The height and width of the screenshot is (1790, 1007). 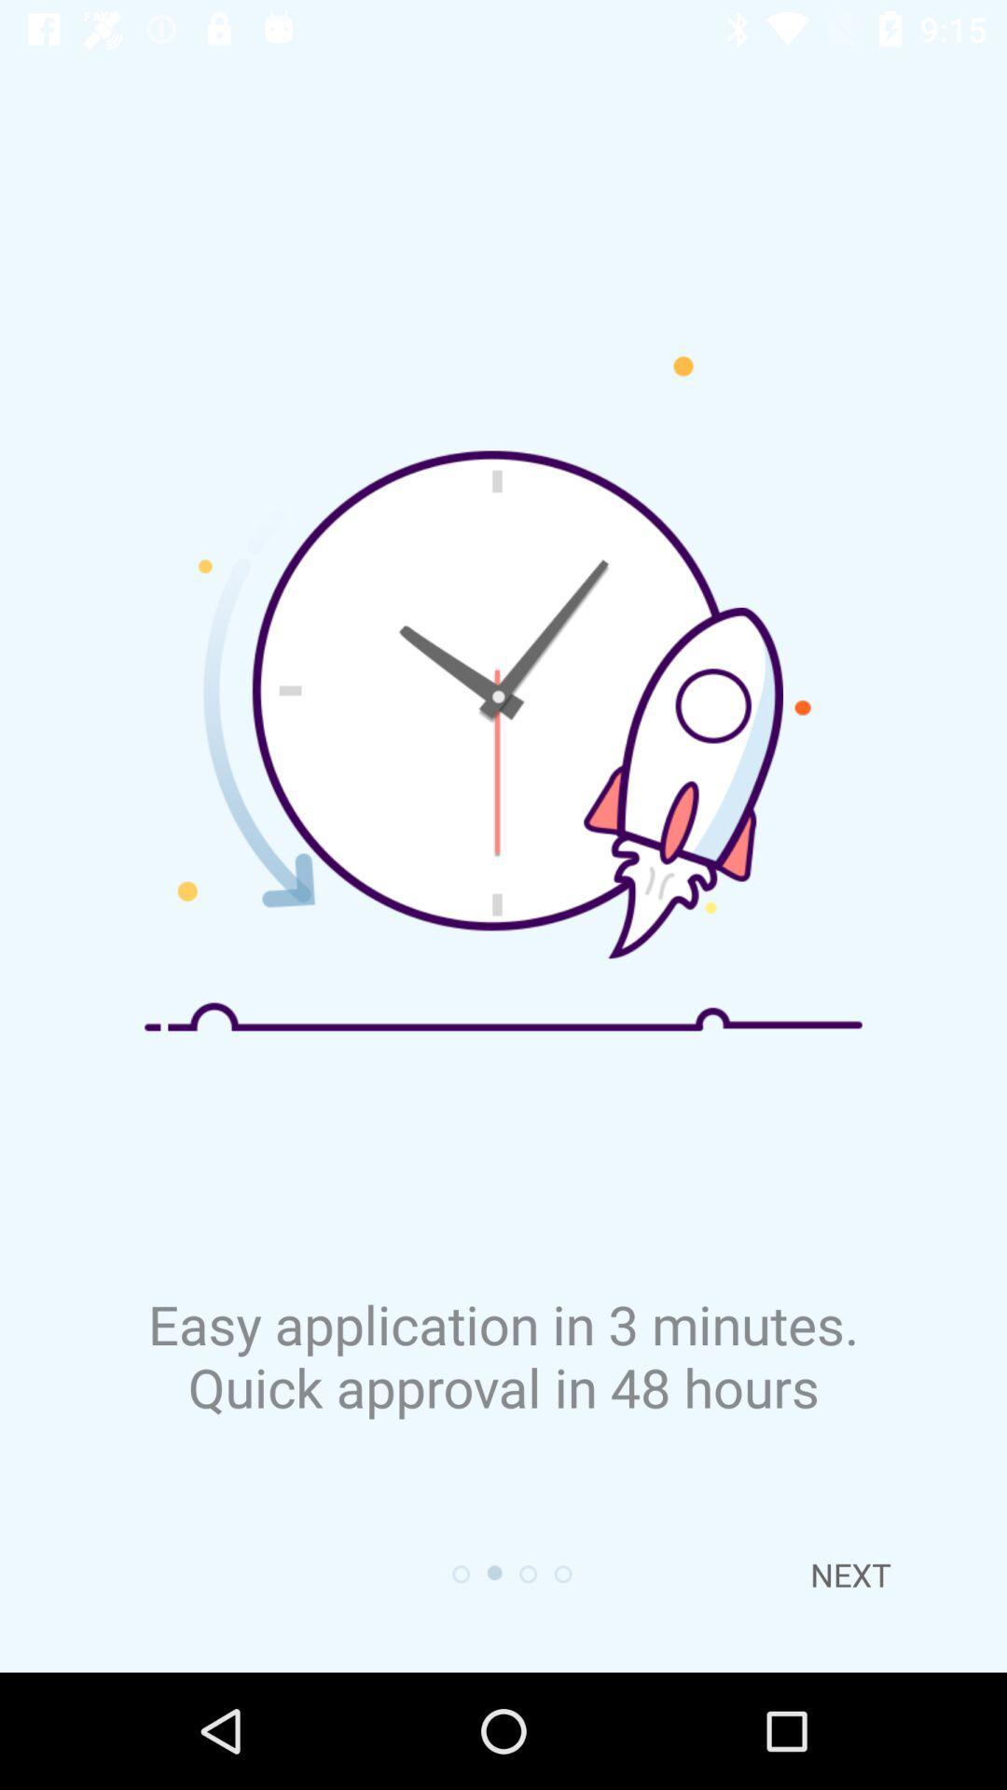 What do you see at coordinates (849, 1574) in the screenshot?
I see `the next at the bottom right corner` at bounding box center [849, 1574].